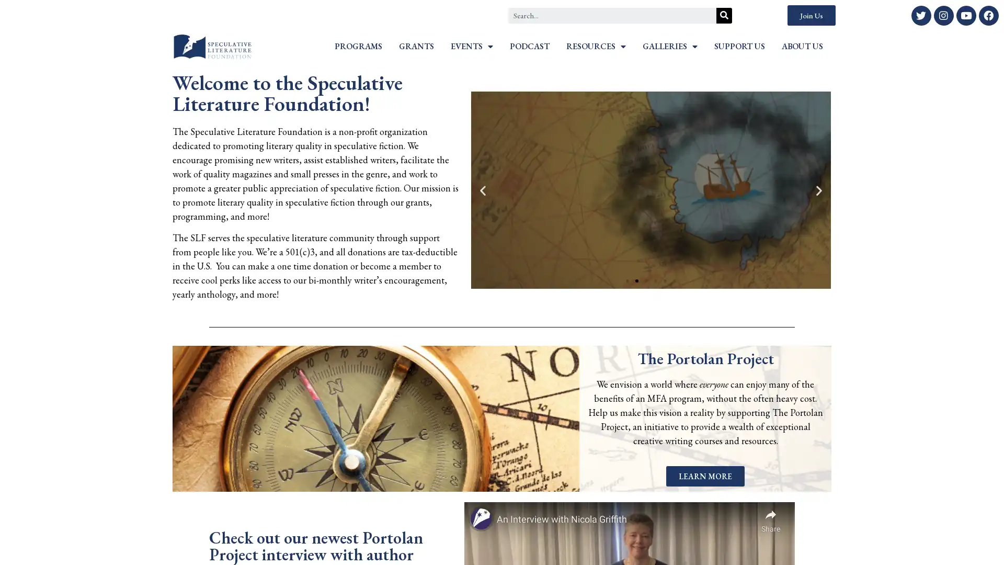  Describe the element at coordinates (705, 476) in the screenshot. I see `LEARN MORE` at that location.